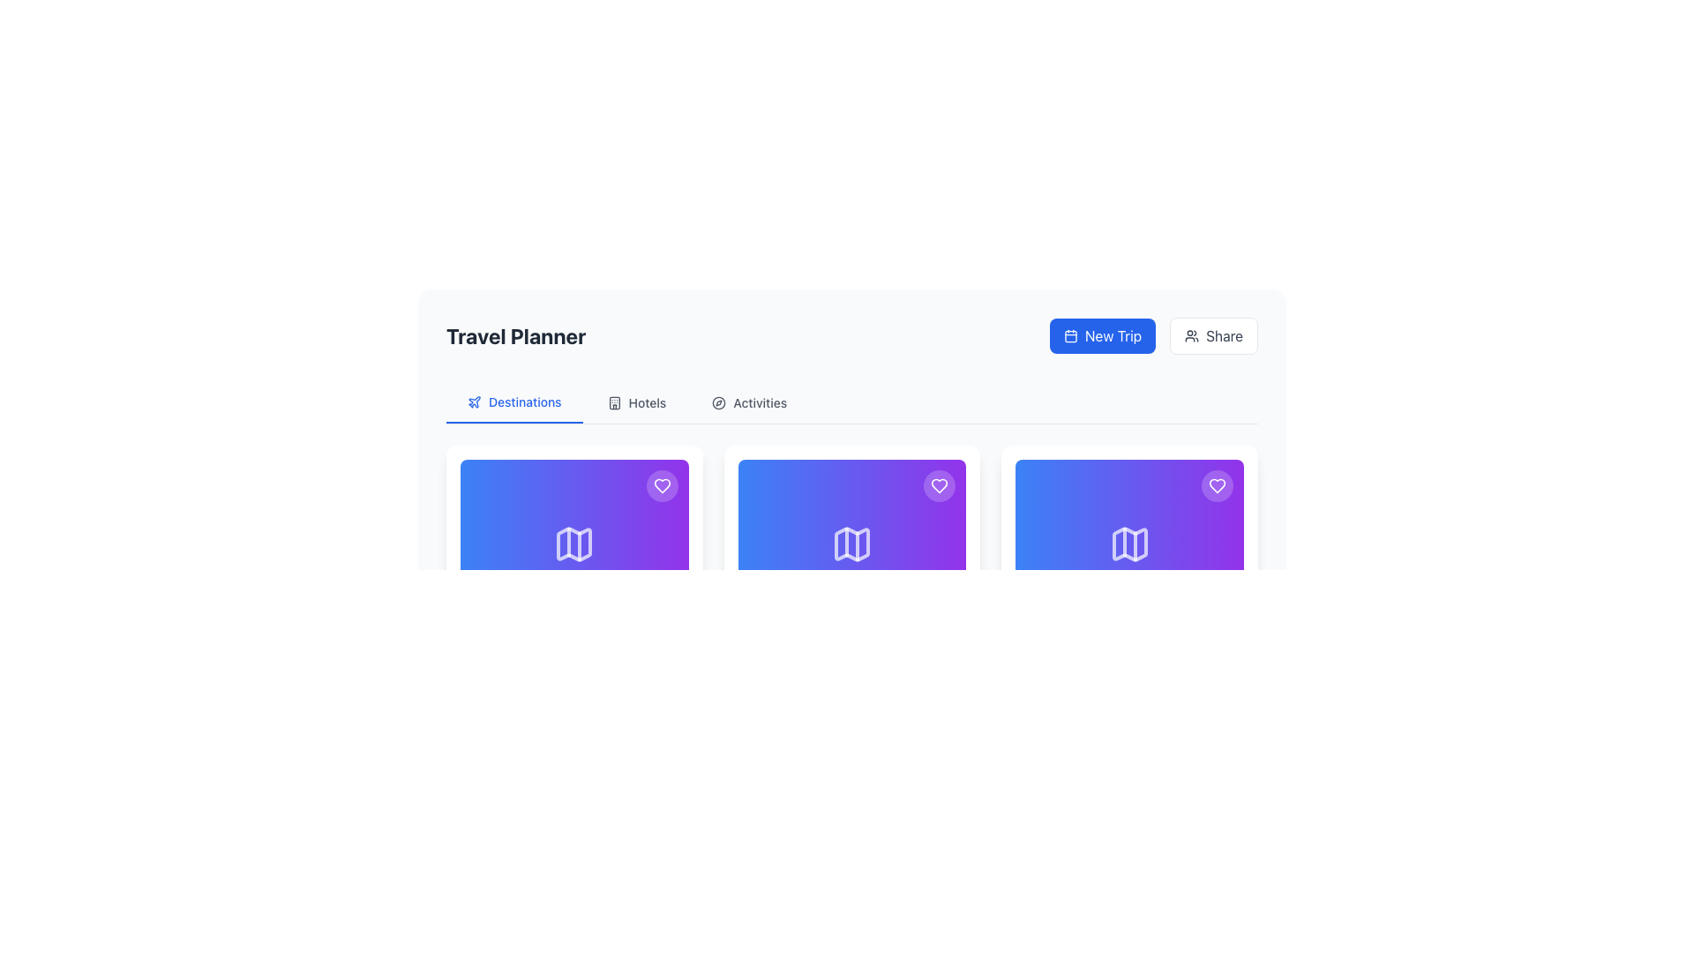  Describe the element at coordinates (939, 486) in the screenshot. I see `the favorite button located at the top-right corner of the second card in the horizontally-aligned list to trigger the hover effect` at that location.